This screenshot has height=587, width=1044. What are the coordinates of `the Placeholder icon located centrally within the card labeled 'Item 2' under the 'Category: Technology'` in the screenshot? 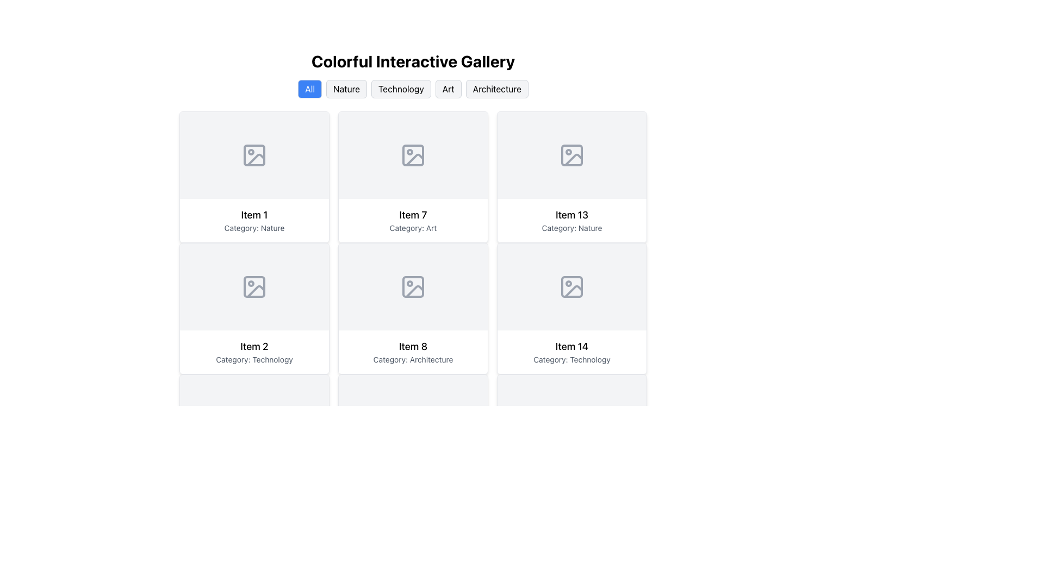 It's located at (253, 286).